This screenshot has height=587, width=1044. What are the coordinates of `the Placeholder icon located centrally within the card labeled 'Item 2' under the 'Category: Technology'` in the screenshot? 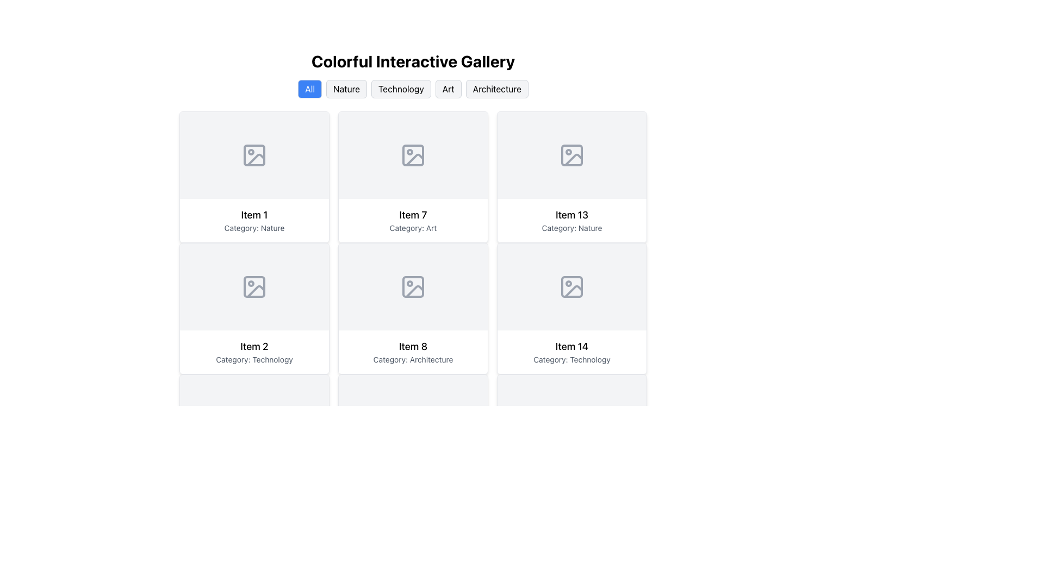 It's located at (253, 286).